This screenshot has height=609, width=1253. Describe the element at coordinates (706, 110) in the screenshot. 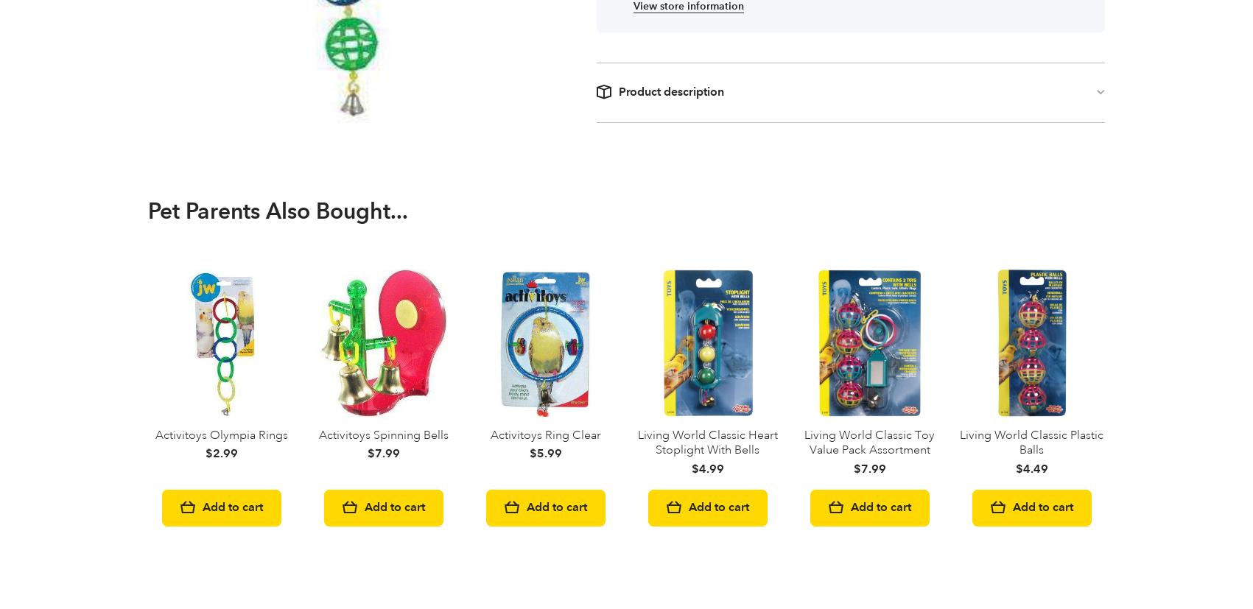

I see `'Living World Classic Heart Stoplight With Bells'` at that location.